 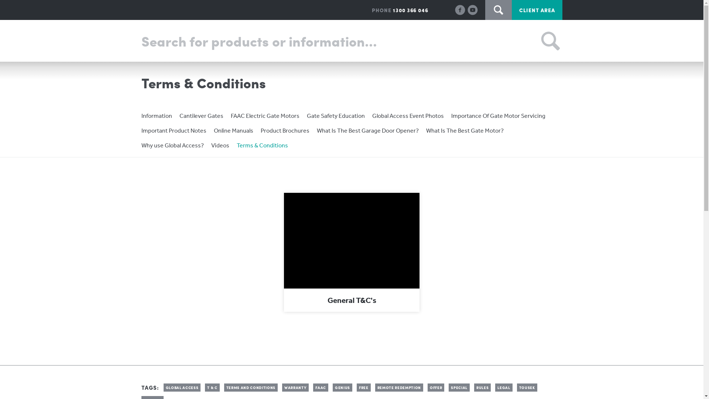 I want to click on 'Information', so click(x=156, y=115).